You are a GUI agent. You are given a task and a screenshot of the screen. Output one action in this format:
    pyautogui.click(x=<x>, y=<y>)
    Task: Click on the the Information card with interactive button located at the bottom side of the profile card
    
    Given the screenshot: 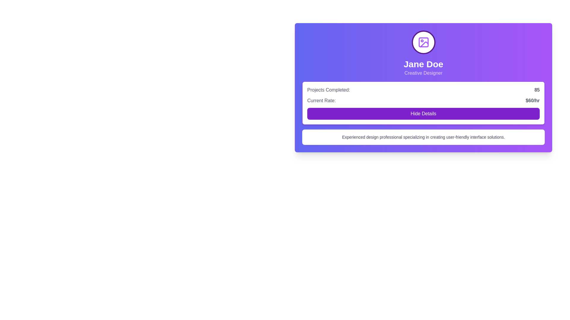 What is the action you would take?
    pyautogui.click(x=423, y=103)
    